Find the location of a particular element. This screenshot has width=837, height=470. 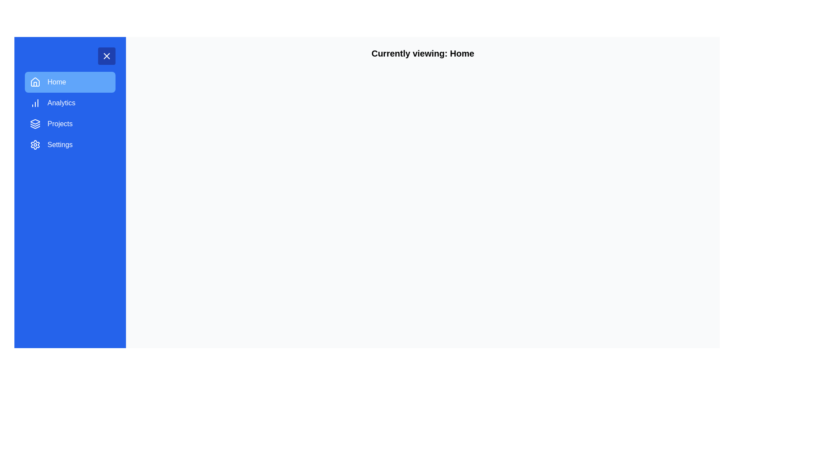

the Close button with a white cross icon located at the top-right corner of the sidebar menu is located at coordinates (106, 56).